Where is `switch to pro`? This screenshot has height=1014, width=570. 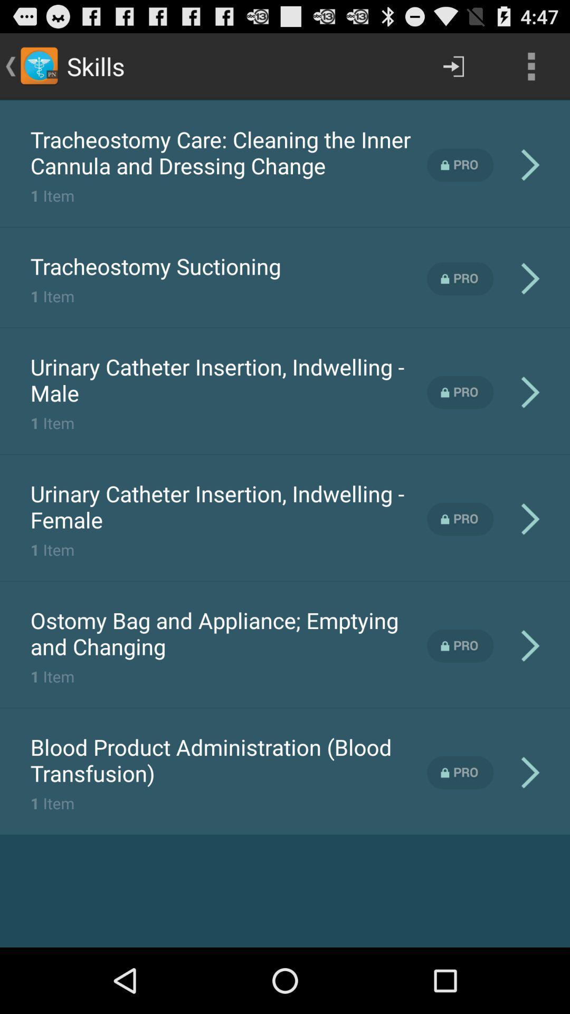 switch to pro is located at coordinates (460, 392).